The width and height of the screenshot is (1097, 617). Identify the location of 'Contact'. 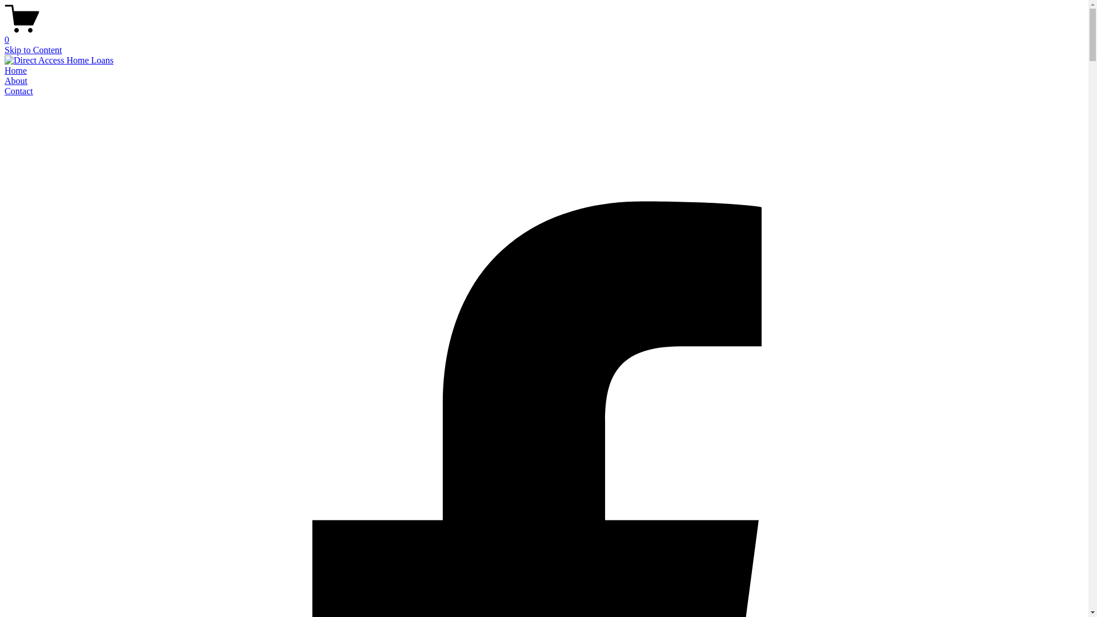
(5, 90).